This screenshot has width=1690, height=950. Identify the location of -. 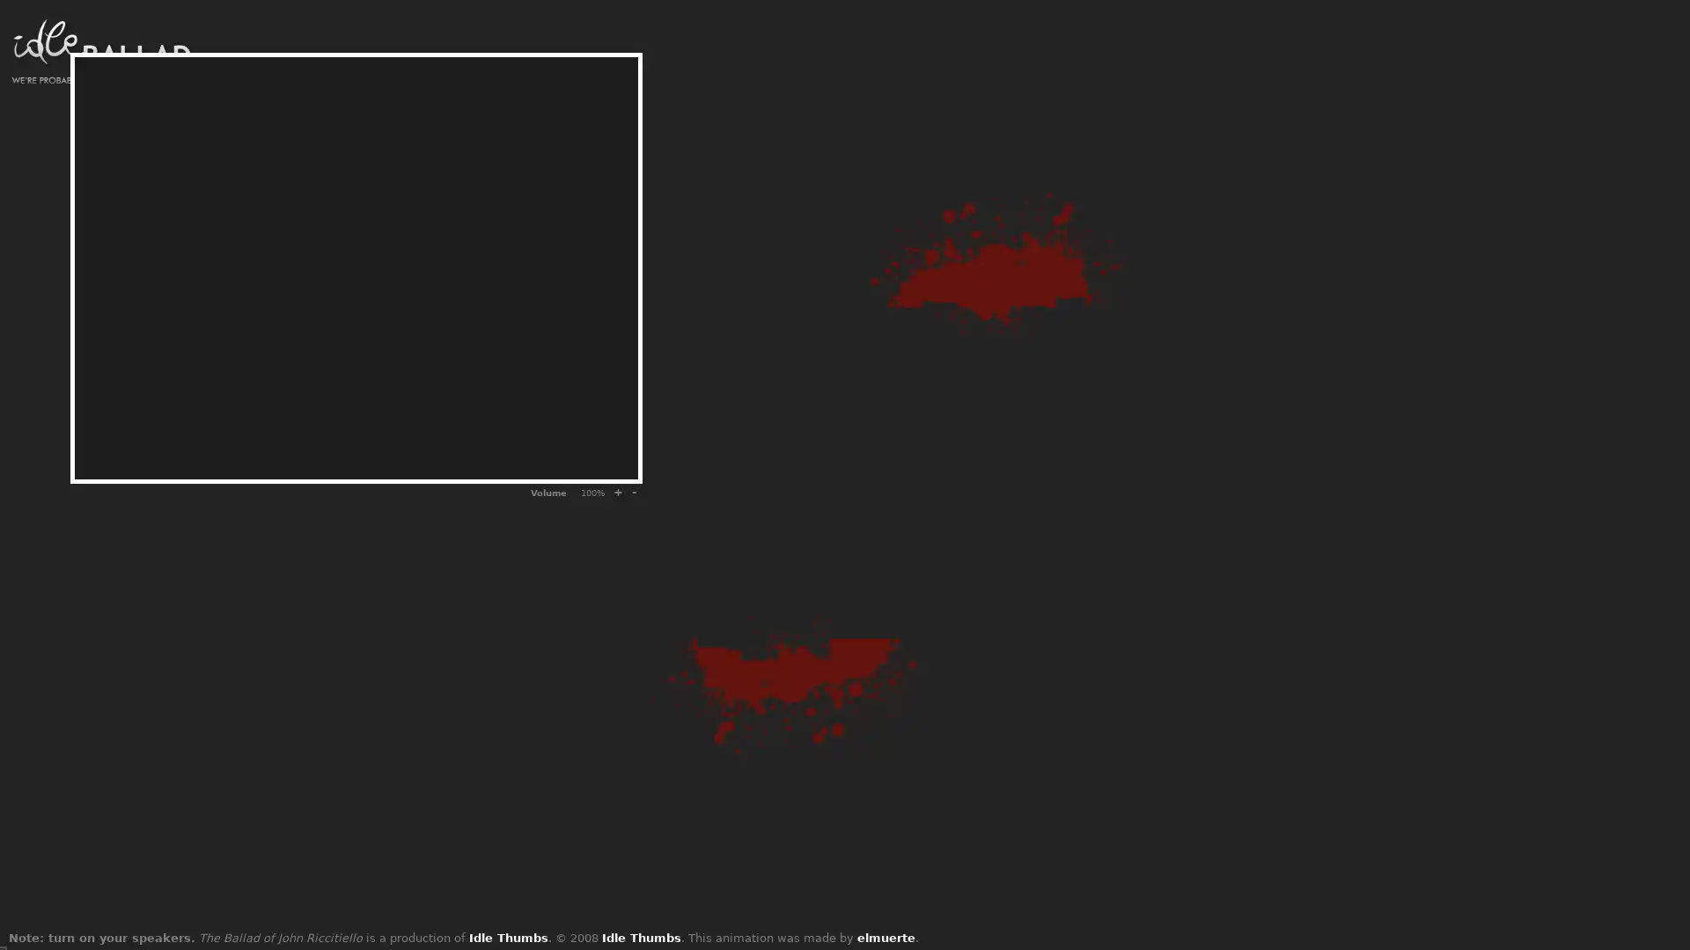
(634, 492).